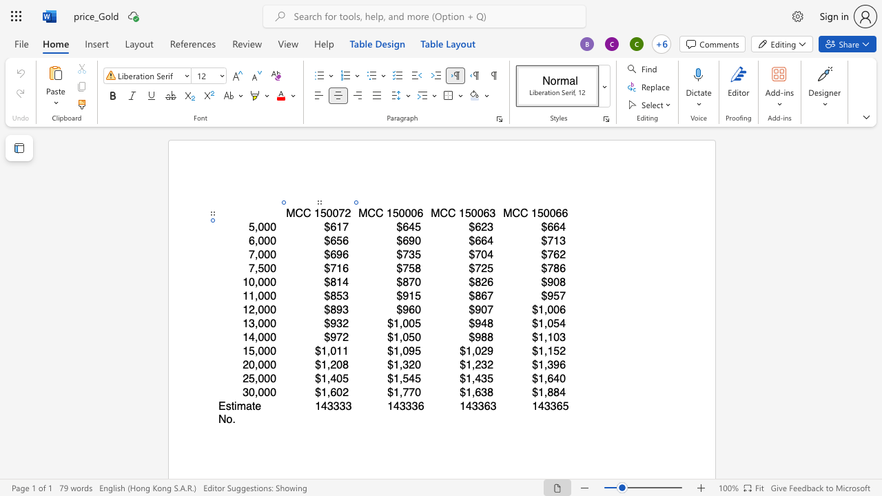 The height and width of the screenshot is (496, 882). What do you see at coordinates (548, 213) in the screenshot?
I see `the space between the continuous character "0" and "0" in the text` at bounding box center [548, 213].